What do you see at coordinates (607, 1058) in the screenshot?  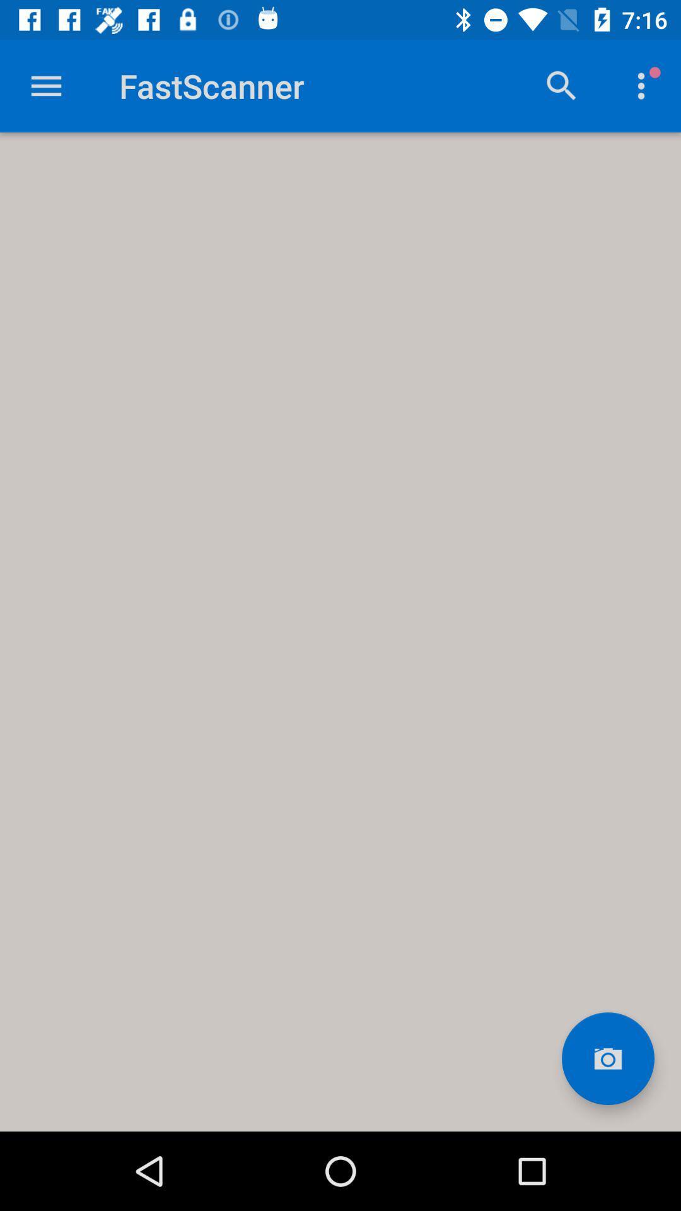 I see `take a picture` at bounding box center [607, 1058].